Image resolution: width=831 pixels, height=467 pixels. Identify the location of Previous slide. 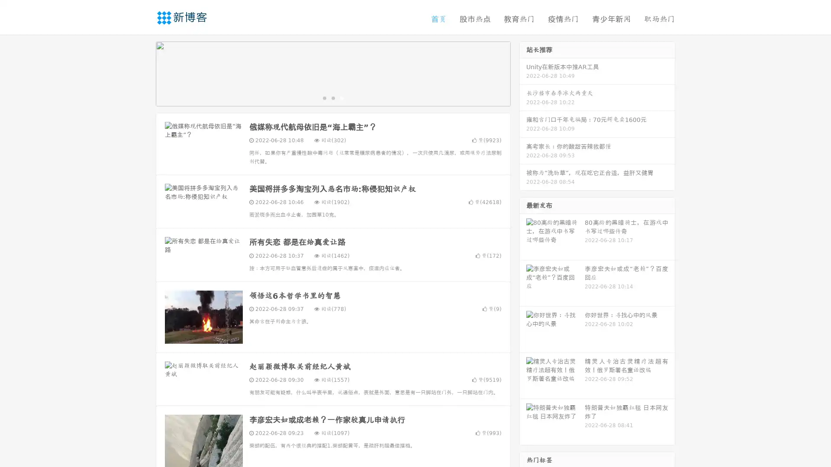
(143, 73).